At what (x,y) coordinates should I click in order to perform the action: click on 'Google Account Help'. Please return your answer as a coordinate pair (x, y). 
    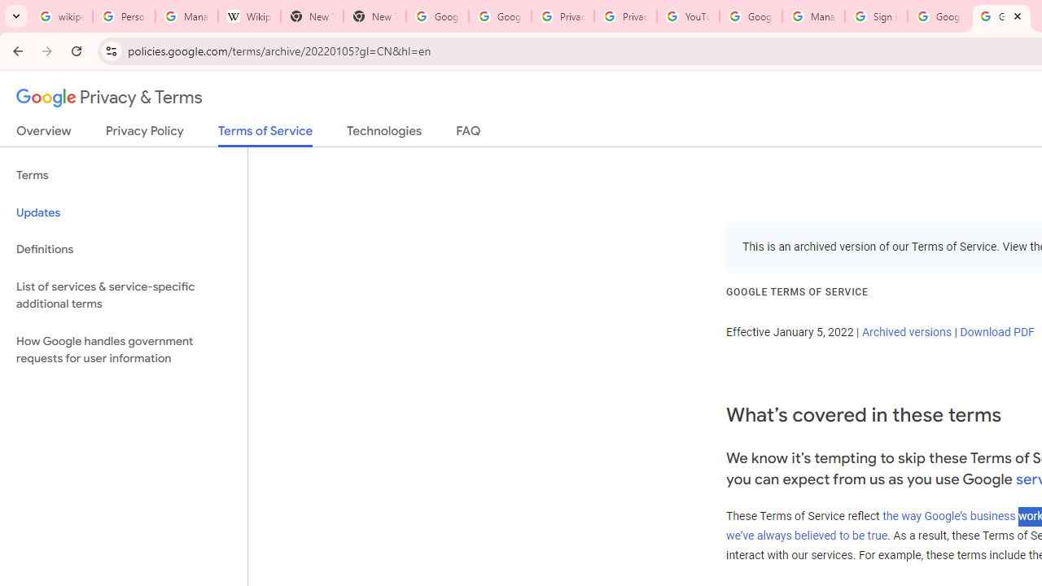
    Looking at the image, I should click on (750, 16).